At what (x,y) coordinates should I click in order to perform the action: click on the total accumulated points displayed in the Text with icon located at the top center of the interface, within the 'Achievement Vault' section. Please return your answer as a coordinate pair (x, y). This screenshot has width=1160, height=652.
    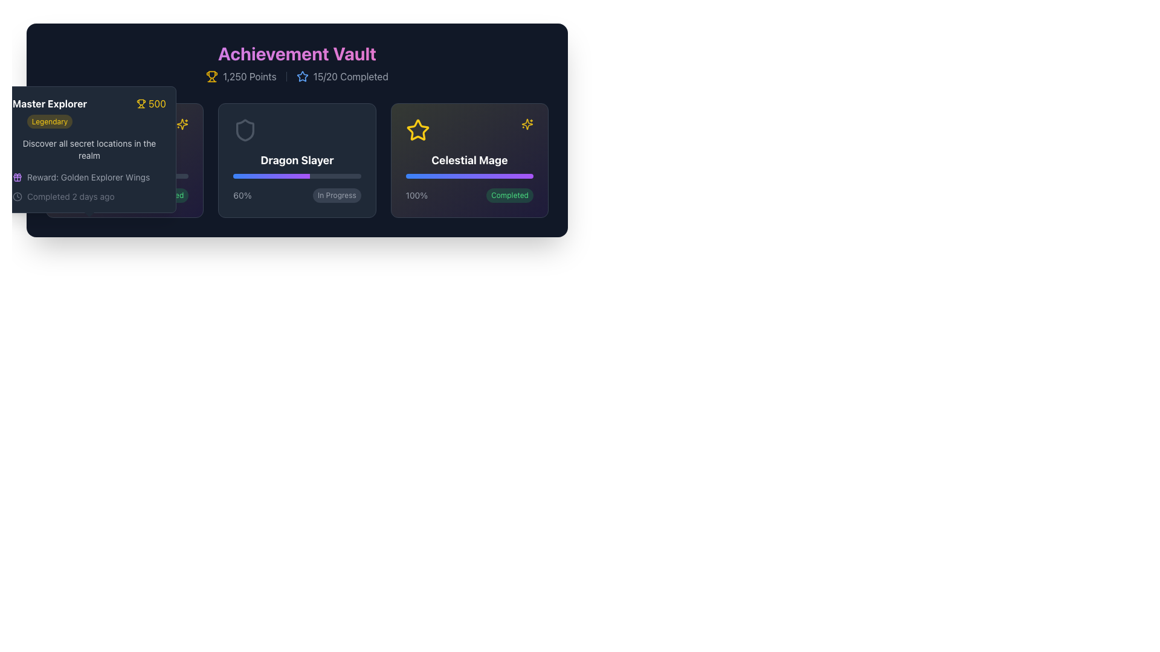
    Looking at the image, I should click on (241, 77).